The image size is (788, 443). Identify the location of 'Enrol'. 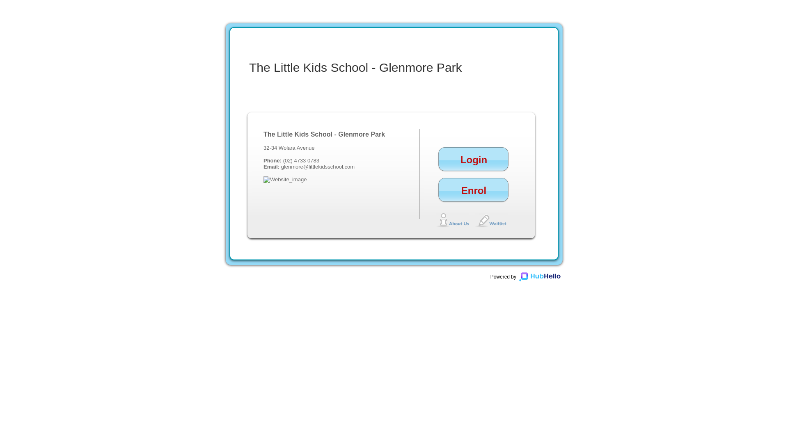
(474, 195).